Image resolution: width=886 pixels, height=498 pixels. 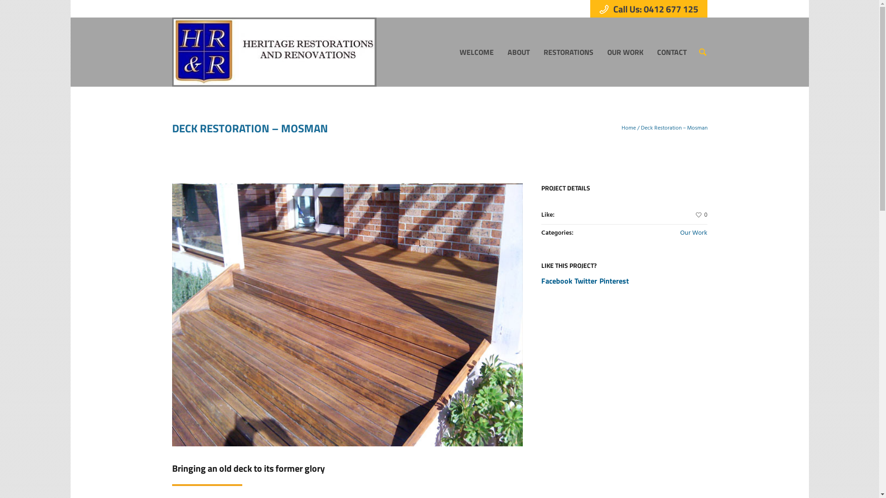 What do you see at coordinates (671, 52) in the screenshot?
I see `'CONTACT'` at bounding box center [671, 52].